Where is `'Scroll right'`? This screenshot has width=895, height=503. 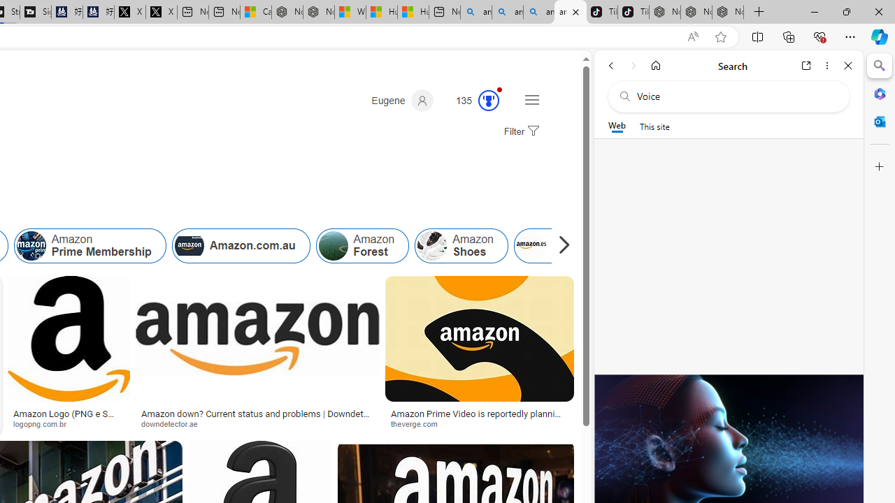
'Scroll right' is located at coordinates (560, 245).